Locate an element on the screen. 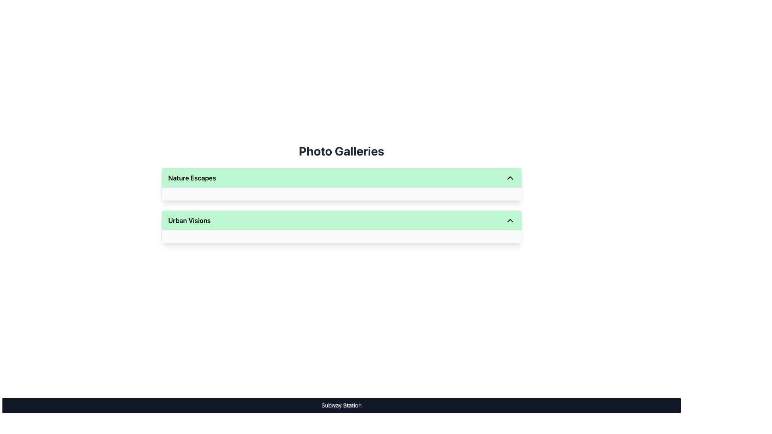 This screenshot has height=434, width=772. the Collapsible Section Header labeled 'Urban Visions' with a green background and an upward-facing chevron icon, which is located beneath the heading 'Photo Galleries' is located at coordinates (341, 227).